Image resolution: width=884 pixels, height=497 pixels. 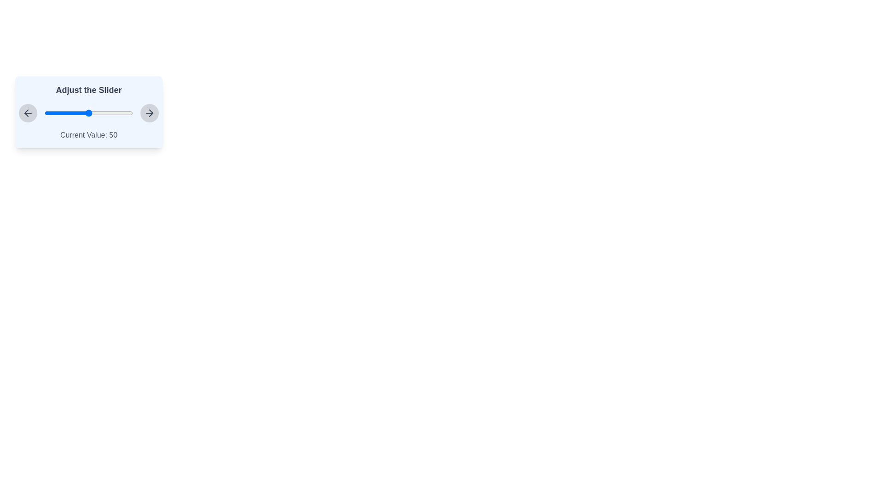 What do you see at coordinates (68, 113) in the screenshot?
I see `the slider` at bounding box center [68, 113].